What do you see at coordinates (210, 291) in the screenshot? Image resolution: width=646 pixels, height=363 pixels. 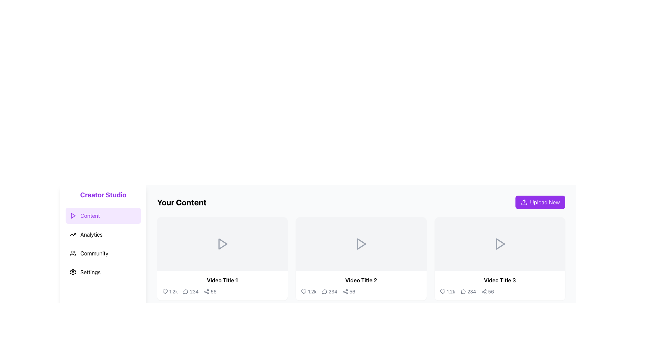 I see `the Text with Icon indicating the number of shares located at the bottom-right corner of the 'Video Title 1' card in the 'Your Content' section` at bounding box center [210, 291].